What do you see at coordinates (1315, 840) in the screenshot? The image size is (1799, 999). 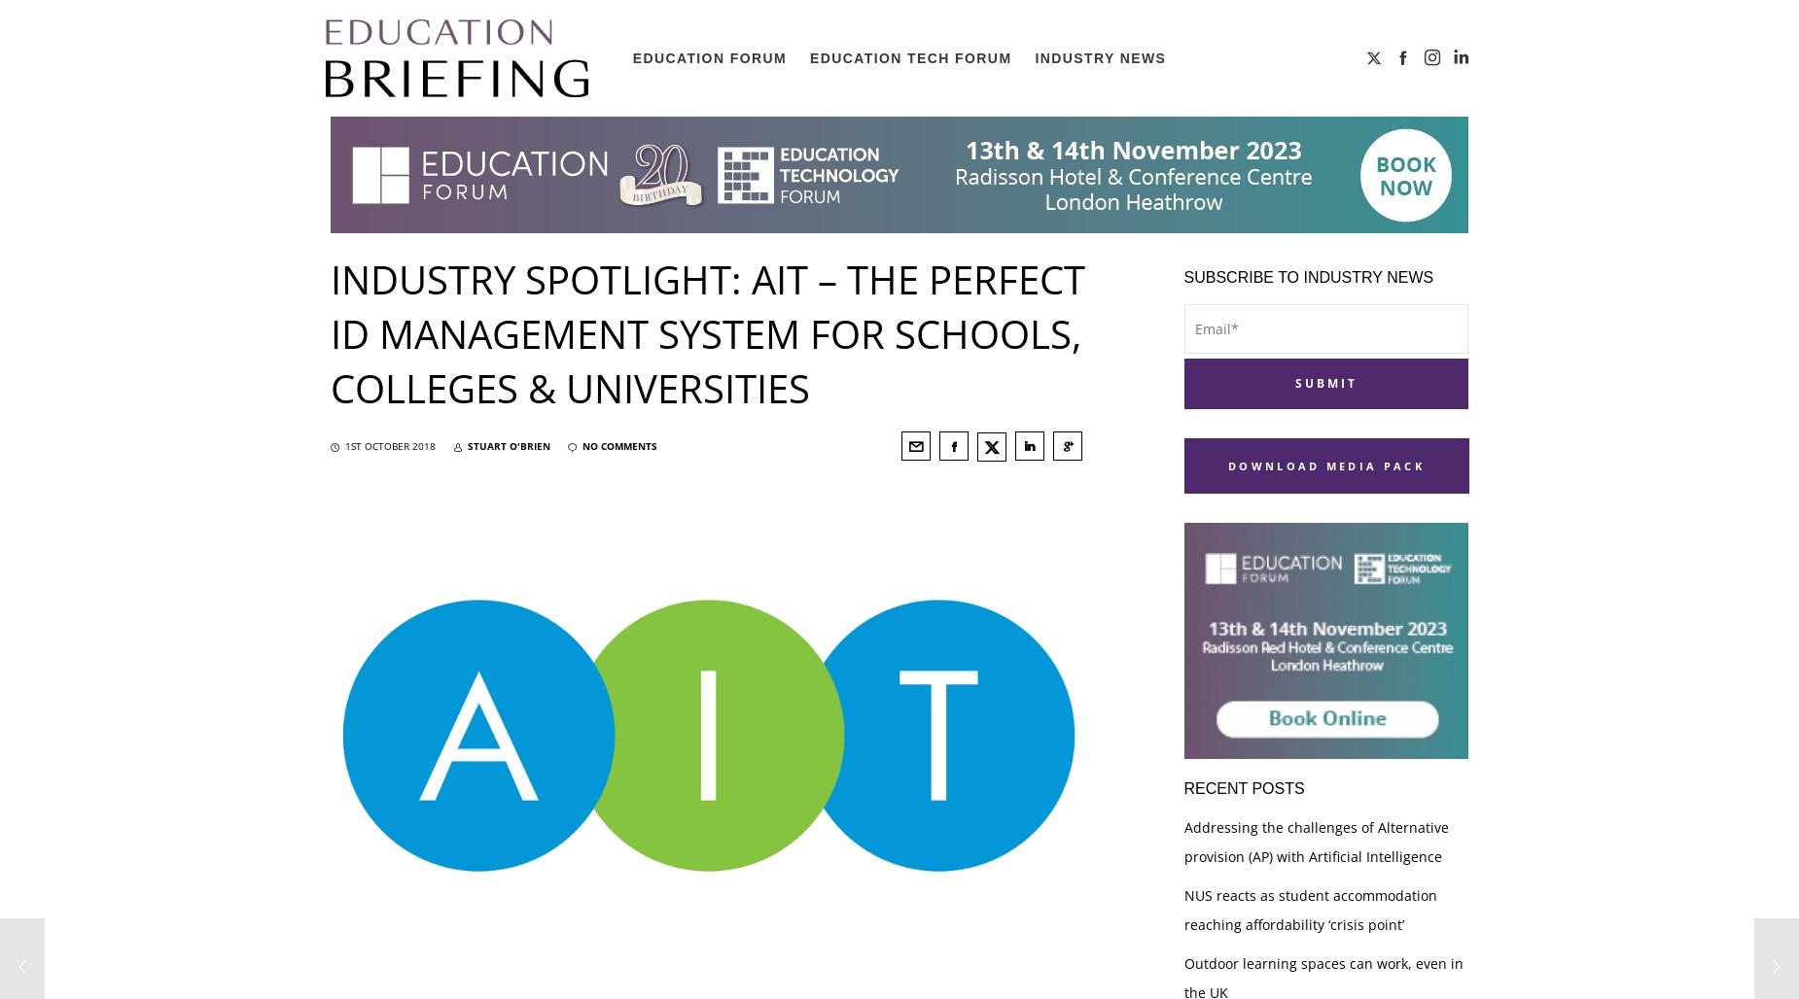 I see `'Addressing the challenges of Alternative provision (AP) with Artificial Intelligence'` at bounding box center [1315, 840].